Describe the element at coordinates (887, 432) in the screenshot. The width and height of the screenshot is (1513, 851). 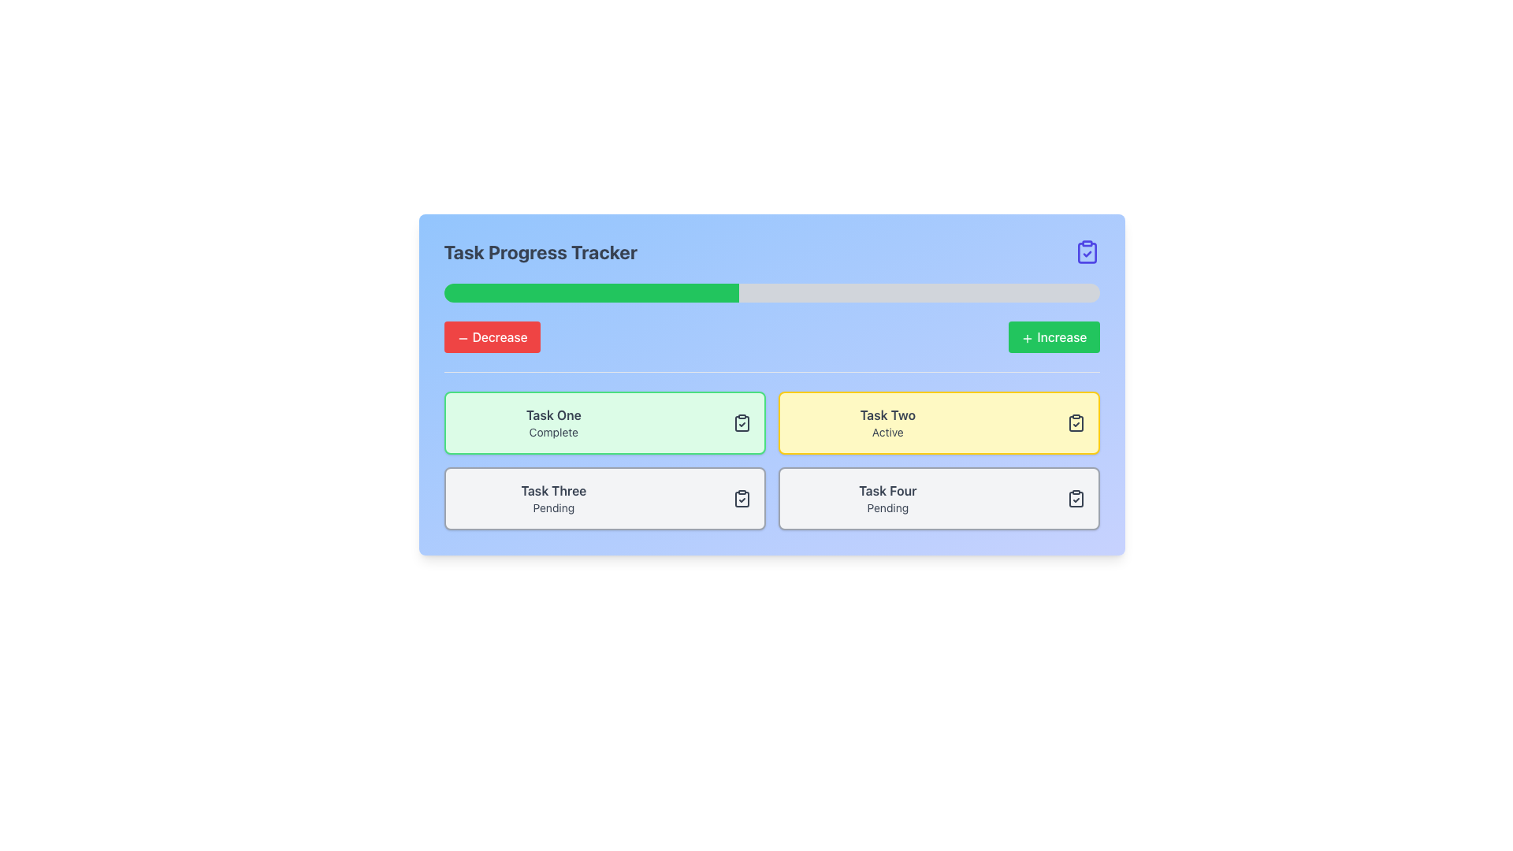
I see `the static text label indicating the status of 'Task Two' as 'Active', located at the bottom of the 'Task Two' card, centered horizontally and above a white rectangular icon` at that location.